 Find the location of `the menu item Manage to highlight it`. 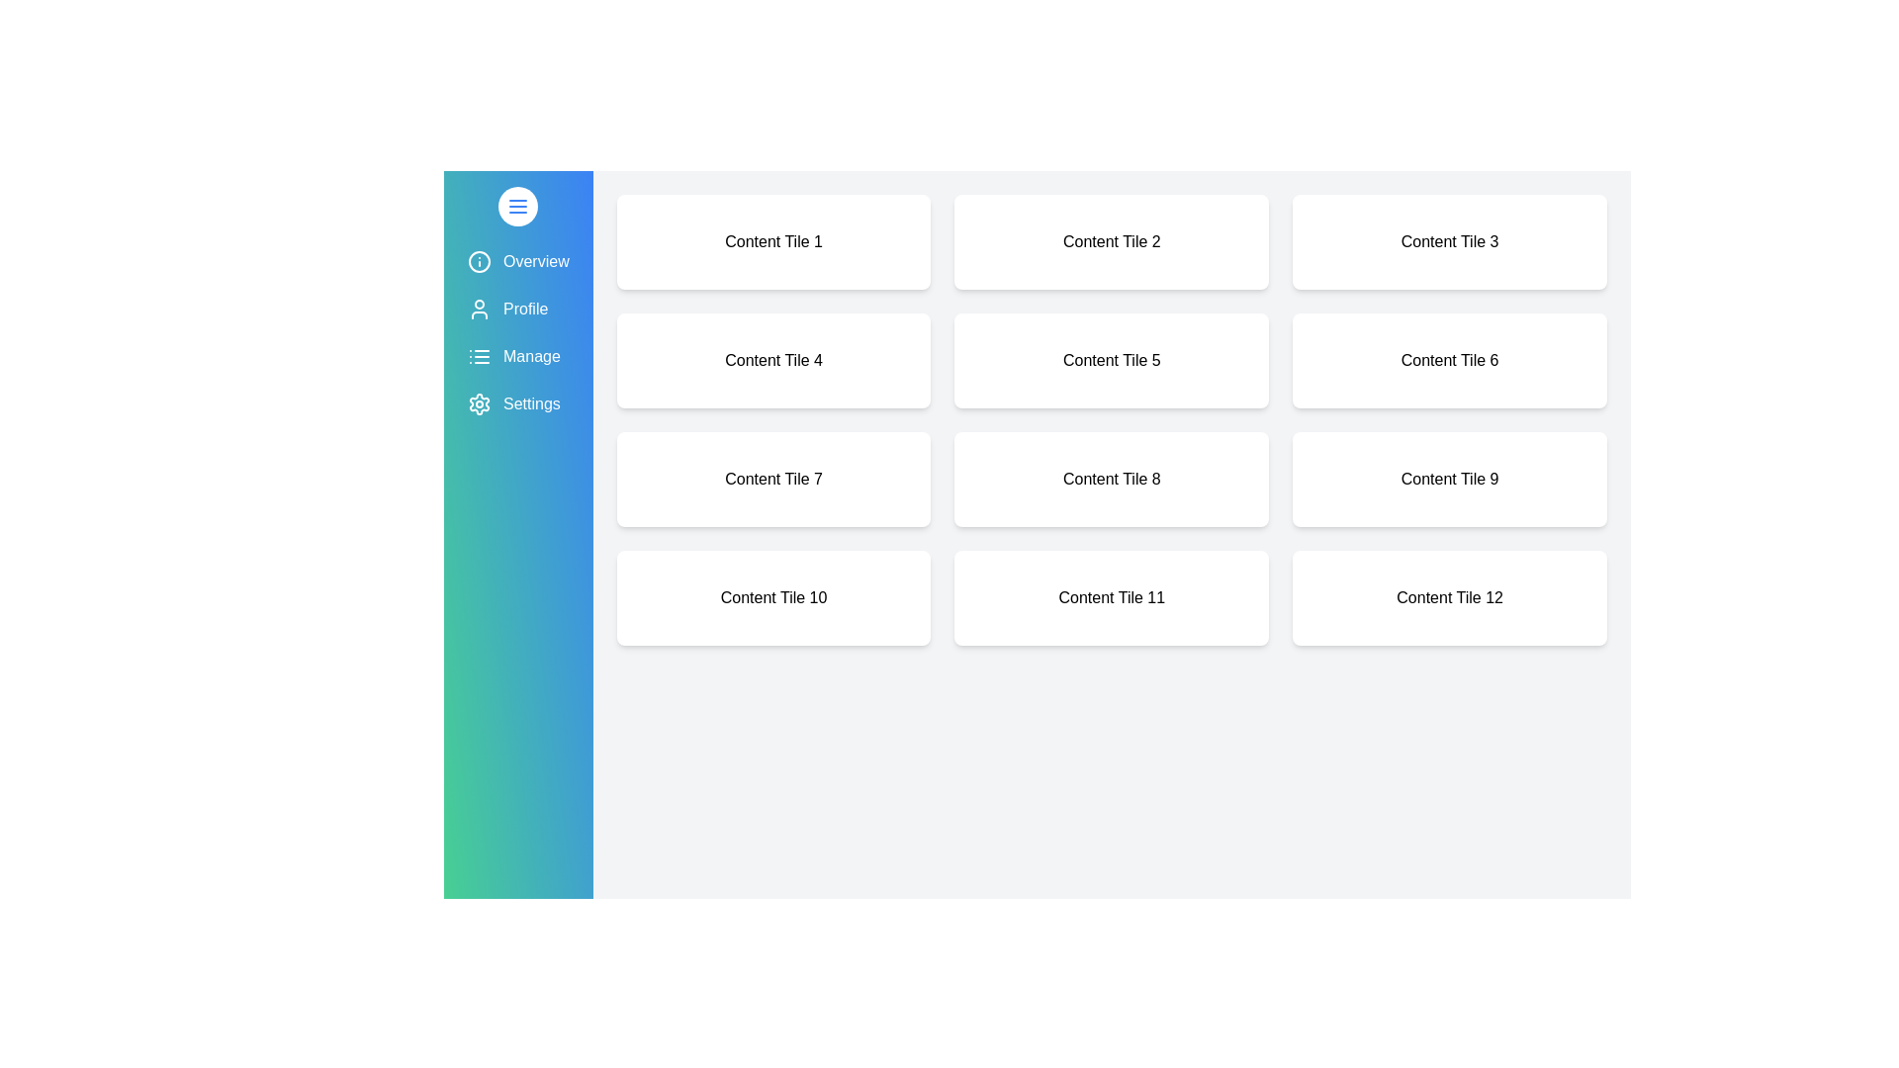

the menu item Manage to highlight it is located at coordinates (517, 357).